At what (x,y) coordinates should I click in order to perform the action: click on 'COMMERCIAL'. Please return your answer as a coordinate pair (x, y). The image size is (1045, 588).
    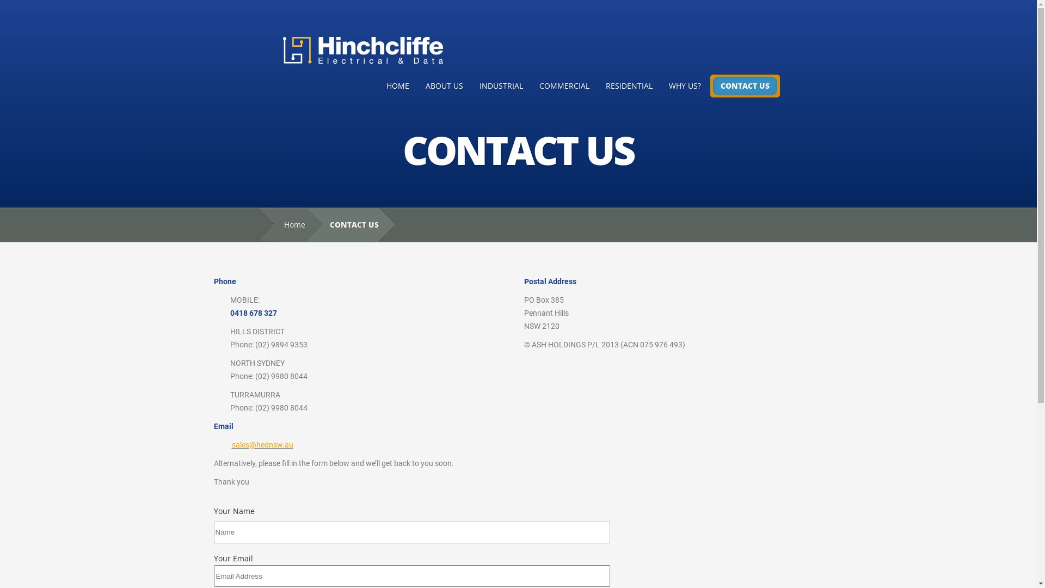
    Looking at the image, I should click on (564, 85).